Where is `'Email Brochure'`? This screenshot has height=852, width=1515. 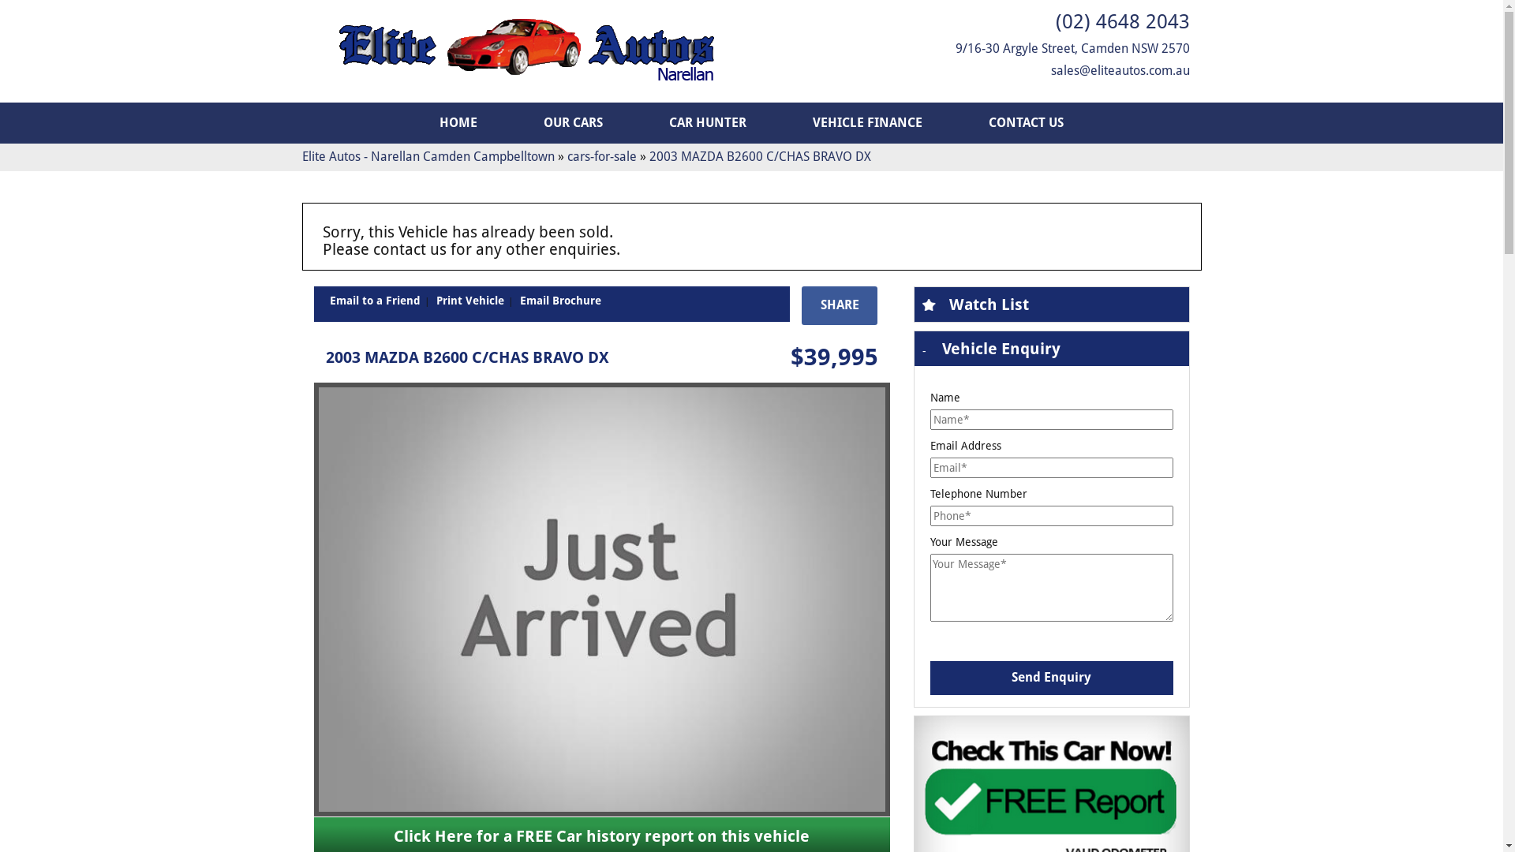 'Email Brochure' is located at coordinates (559, 301).